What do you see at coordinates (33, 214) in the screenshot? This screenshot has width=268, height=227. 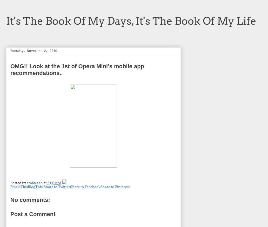 I see `'Post a Comment'` at bounding box center [33, 214].